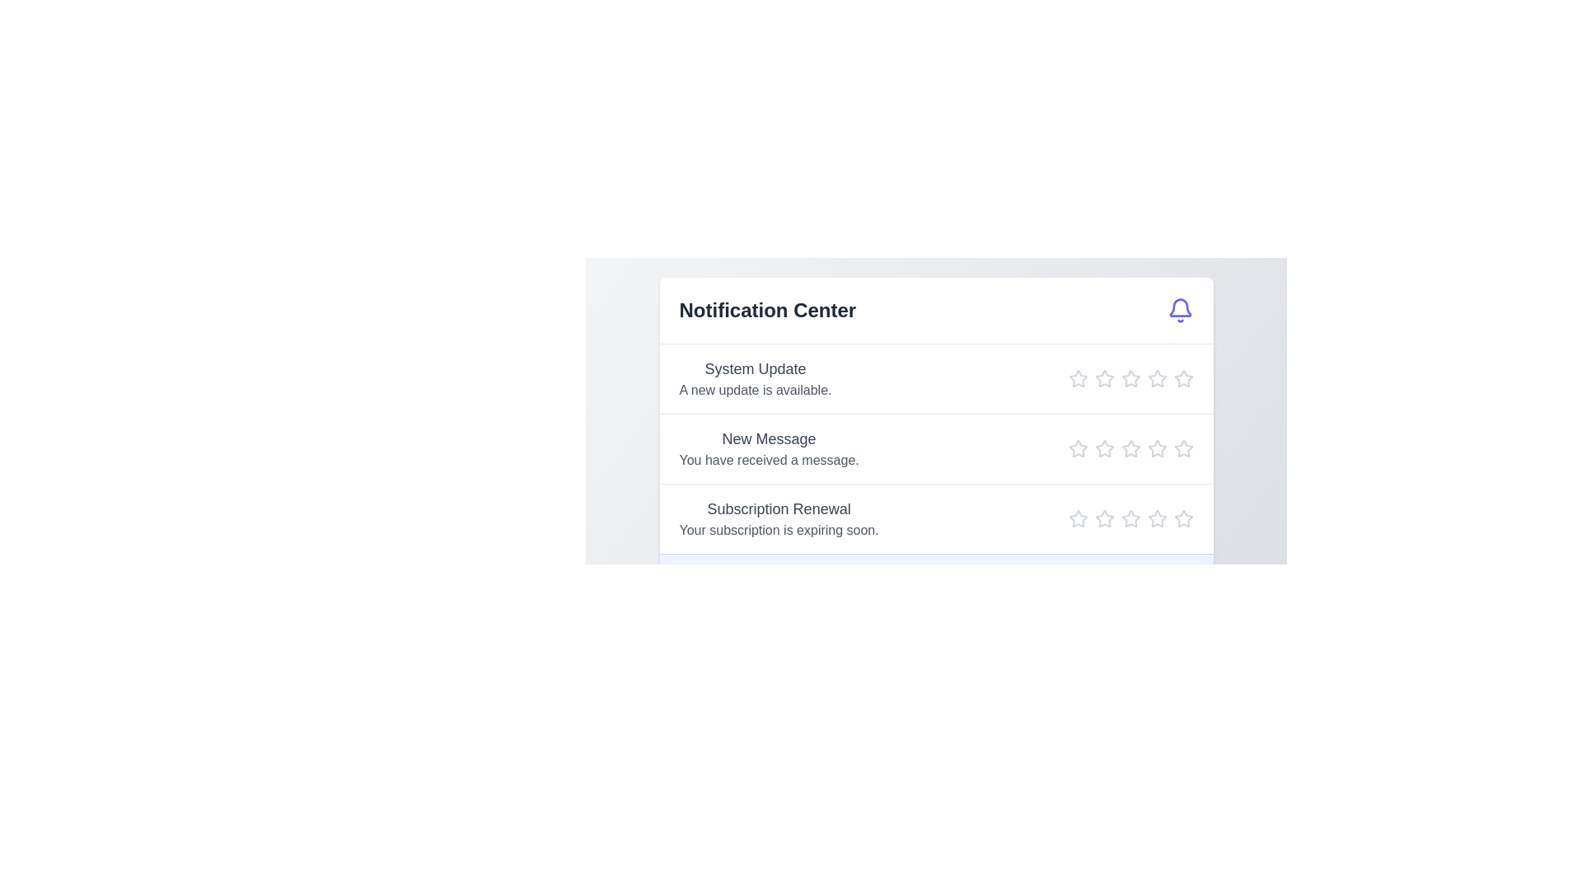 The image size is (1582, 890). I want to click on the star icon to set the rating to 5 for the notification titled 'System Update', so click(1182, 378).